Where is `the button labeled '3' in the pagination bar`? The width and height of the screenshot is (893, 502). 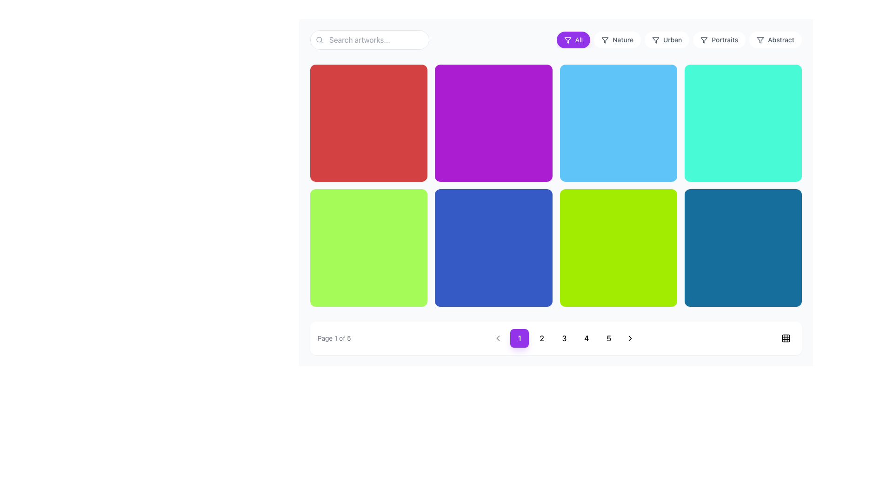
the button labeled '3' in the pagination bar is located at coordinates (564, 338).